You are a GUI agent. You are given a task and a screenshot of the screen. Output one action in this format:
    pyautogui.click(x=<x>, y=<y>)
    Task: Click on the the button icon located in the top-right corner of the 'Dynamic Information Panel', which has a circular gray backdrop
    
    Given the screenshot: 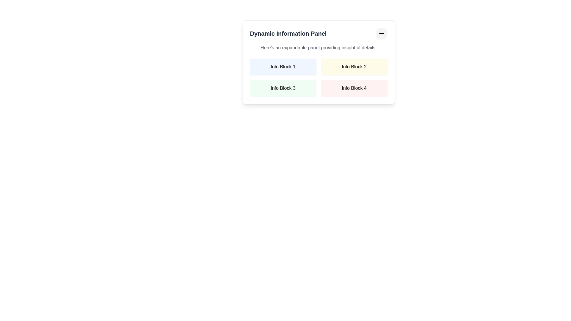 What is the action you would take?
    pyautogui.click(x=381, y=33)
    